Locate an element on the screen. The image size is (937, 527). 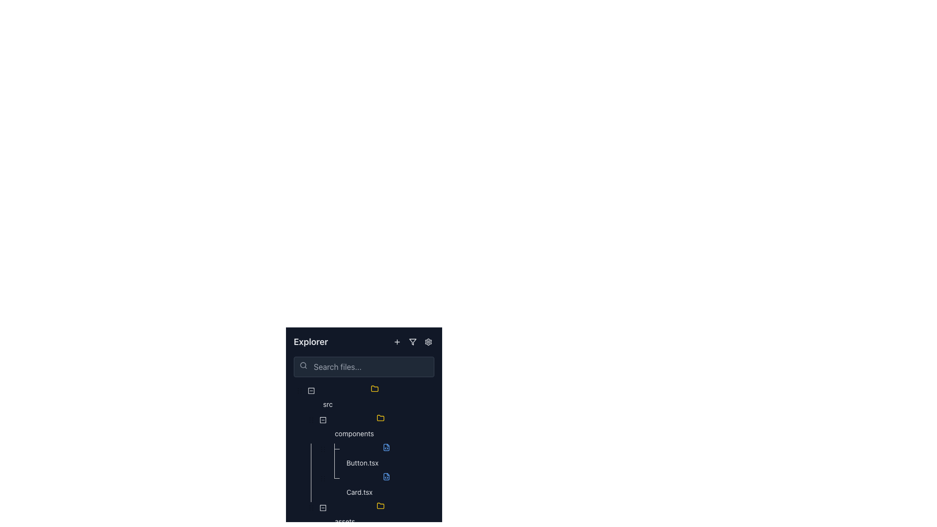
the non-interactive visual indicator (tree branch) located to the left of 'Button.tsx' in the tree structure is located at coordinates (335, 457).